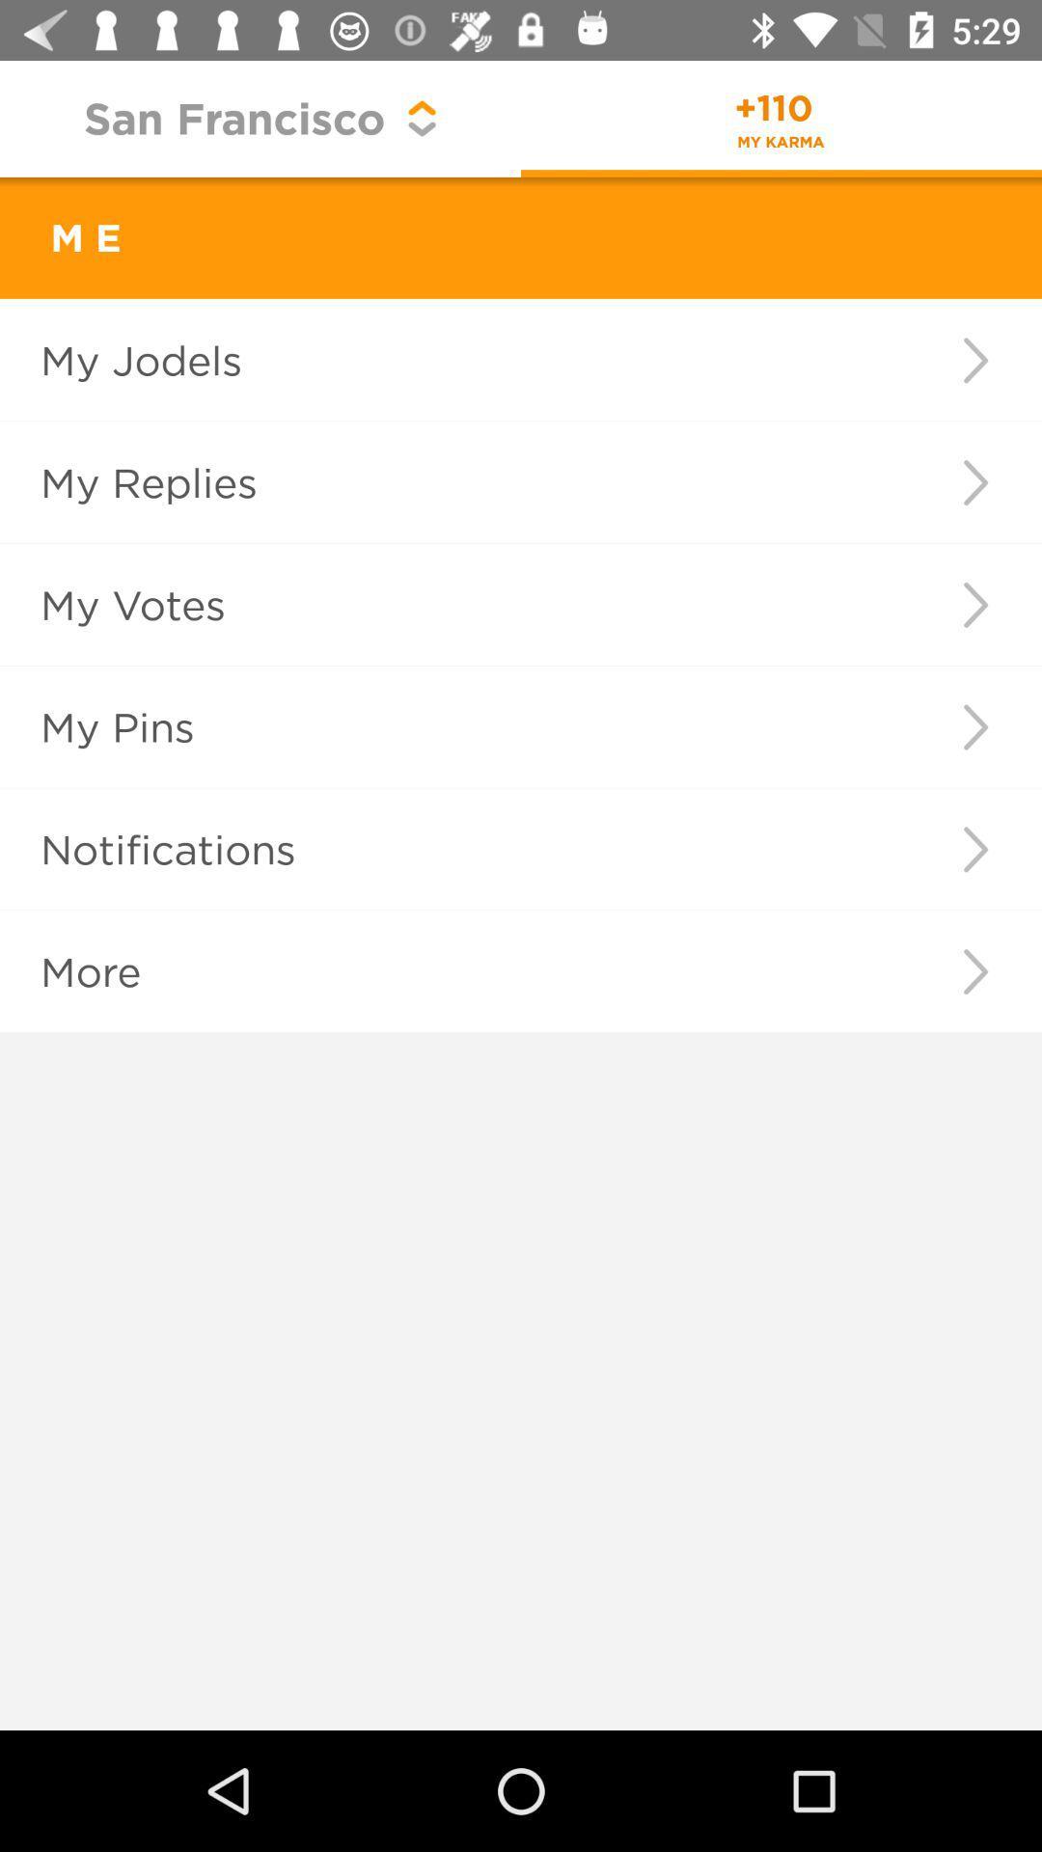 The image size is (1042, 1852). I want to click on item above notifications item, so click(975, 725).